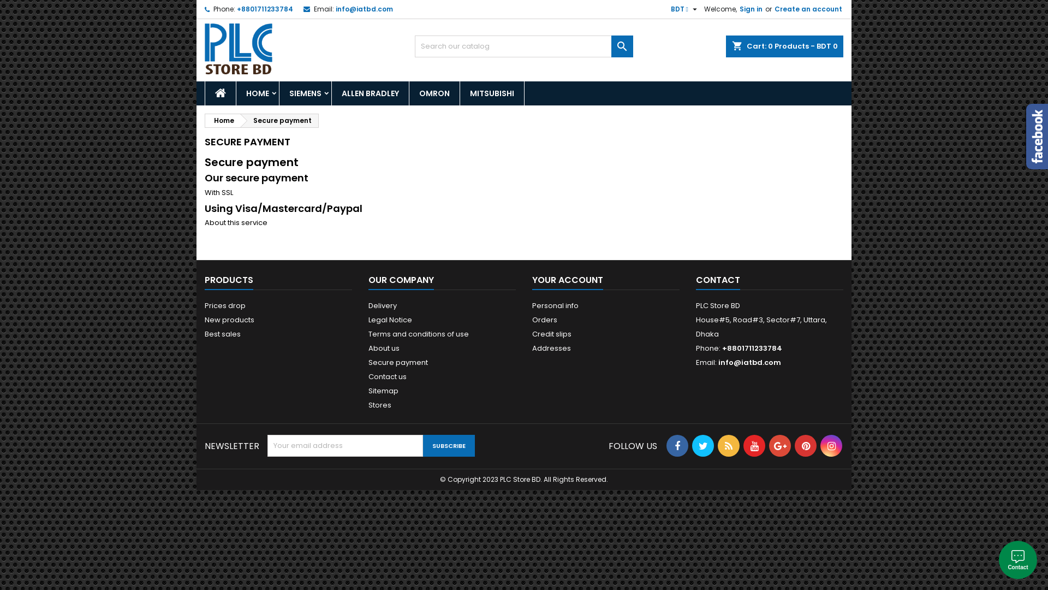 This screenshot has width=1048, height=590. Describe the element at coordinates (229, 320) in the screenshot. I see `'New products'` at that location.